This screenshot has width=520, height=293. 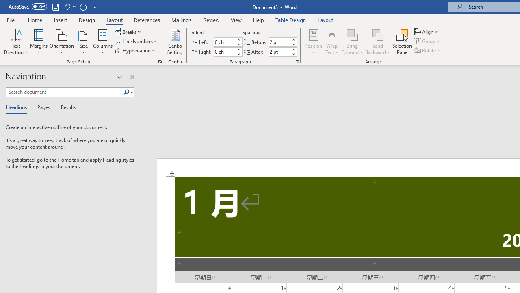 I want to click on 'Selection Pane...', so click(x=402, y=42).